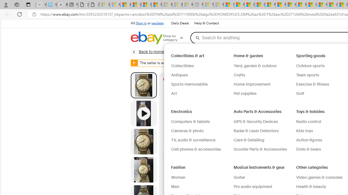 Image resolution: width=348 pixels, height=195 pixels. What do you see at coordinates (200, 122) in the screenshot?
I see `'Computers & tablets'` at bounding box center [200, 122].